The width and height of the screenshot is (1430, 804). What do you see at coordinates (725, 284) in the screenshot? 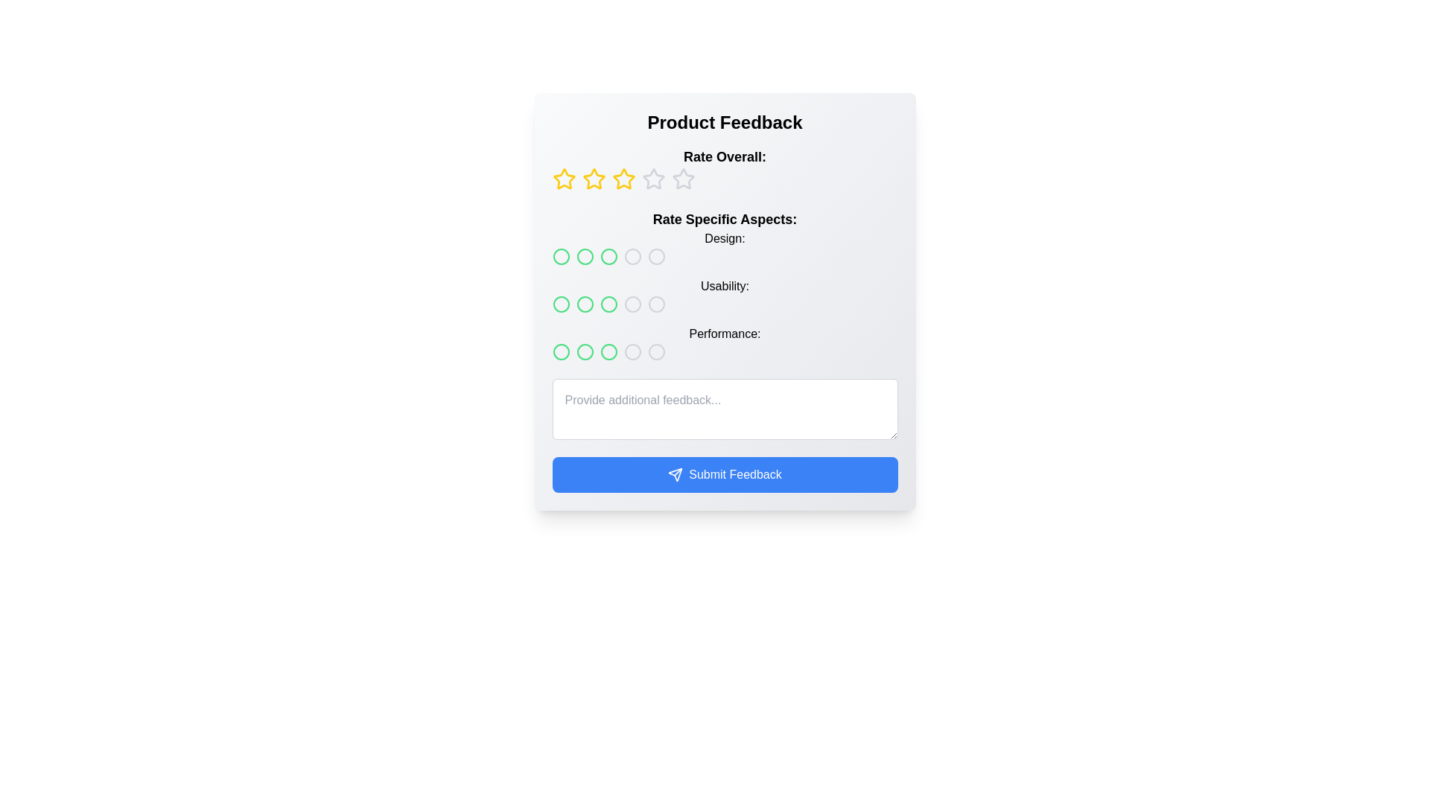
I see `the circular button in the Rating system located below the 'Rate Overall' section and above the text area for additional feedback` at bounding box center [725, 284].